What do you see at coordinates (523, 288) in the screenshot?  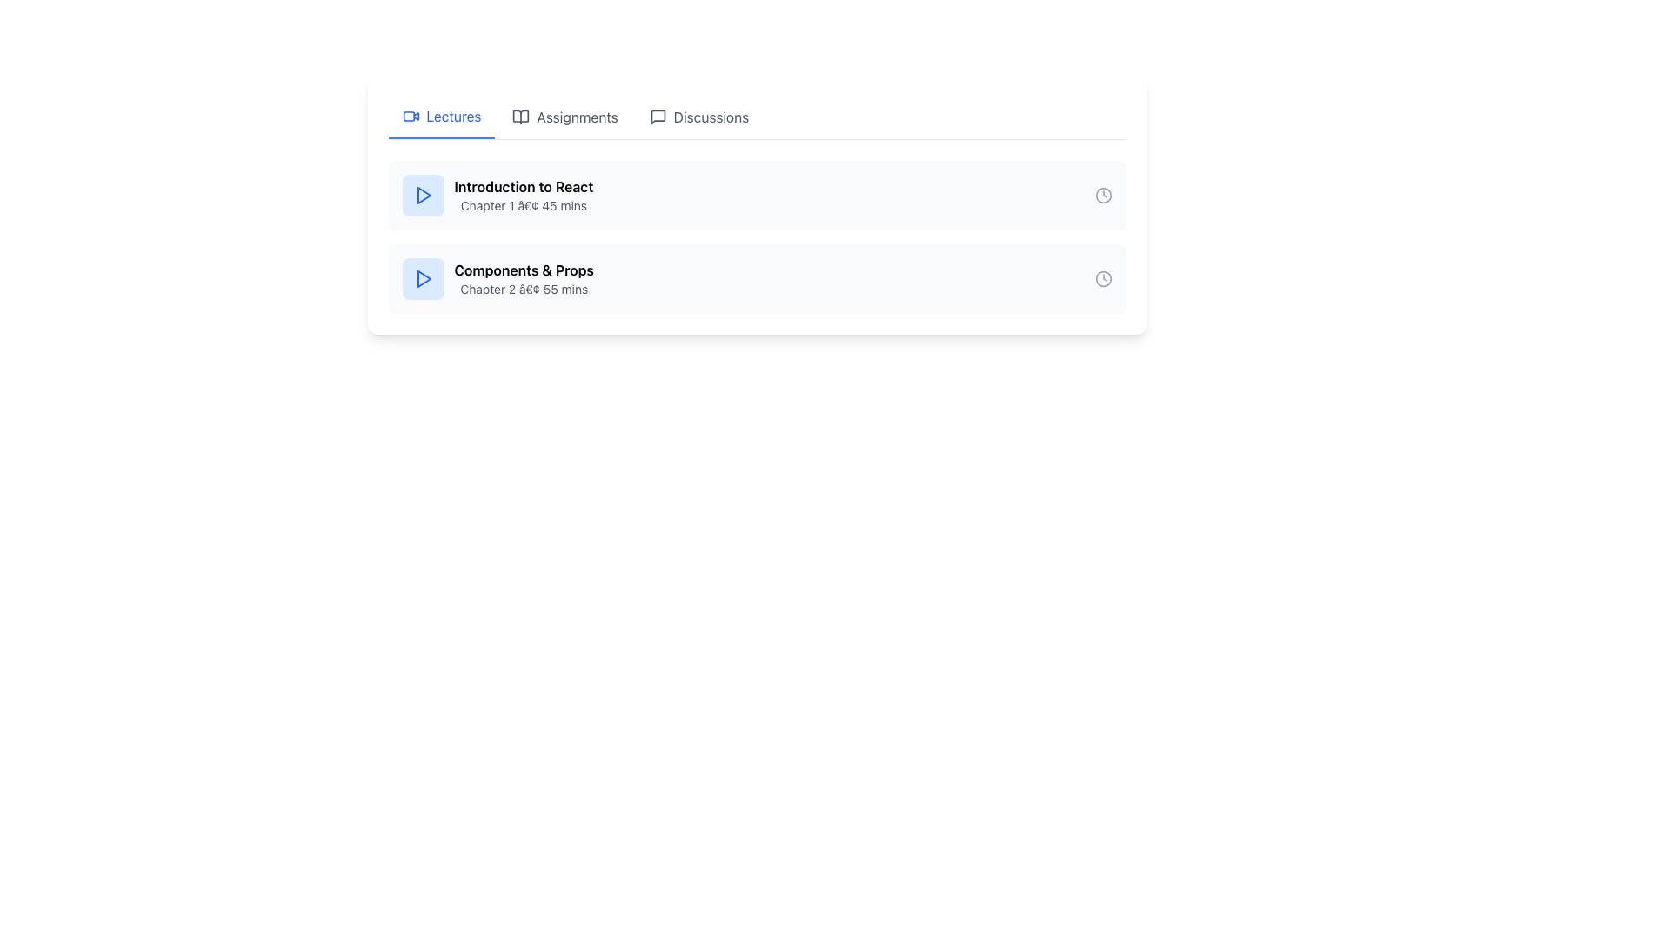 I see `the text label that displays 'Chapter 2 â€¢ 55 mins', which is positioned beneath 'Components & Props' in a compact block design` at bounding box center [523, 288].